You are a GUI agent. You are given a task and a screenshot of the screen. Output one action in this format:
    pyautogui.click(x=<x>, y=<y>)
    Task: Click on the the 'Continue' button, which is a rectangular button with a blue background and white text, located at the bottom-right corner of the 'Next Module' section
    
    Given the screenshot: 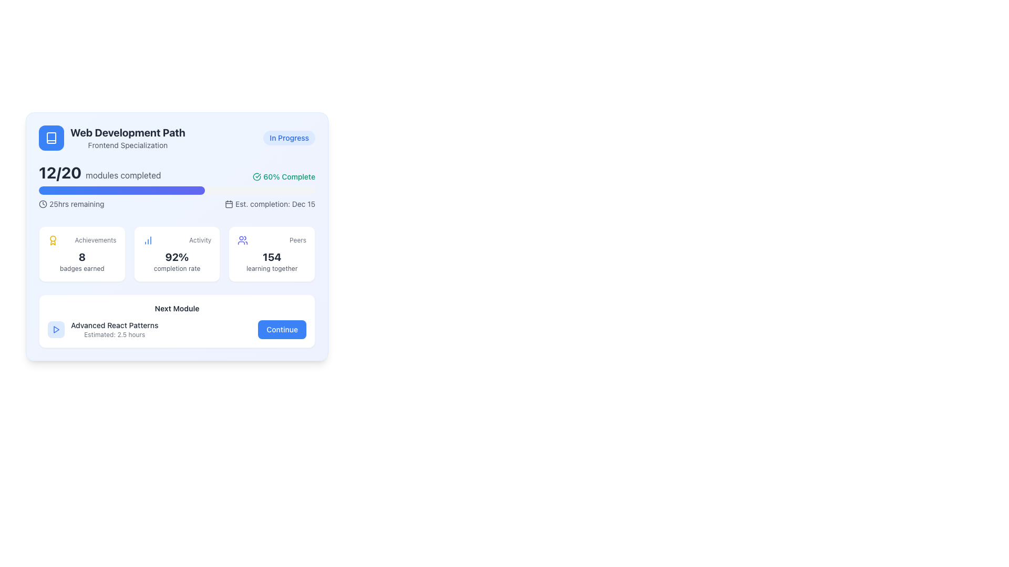 What is the action you would take?
    pyautogui.click(x=282, y=329)
    